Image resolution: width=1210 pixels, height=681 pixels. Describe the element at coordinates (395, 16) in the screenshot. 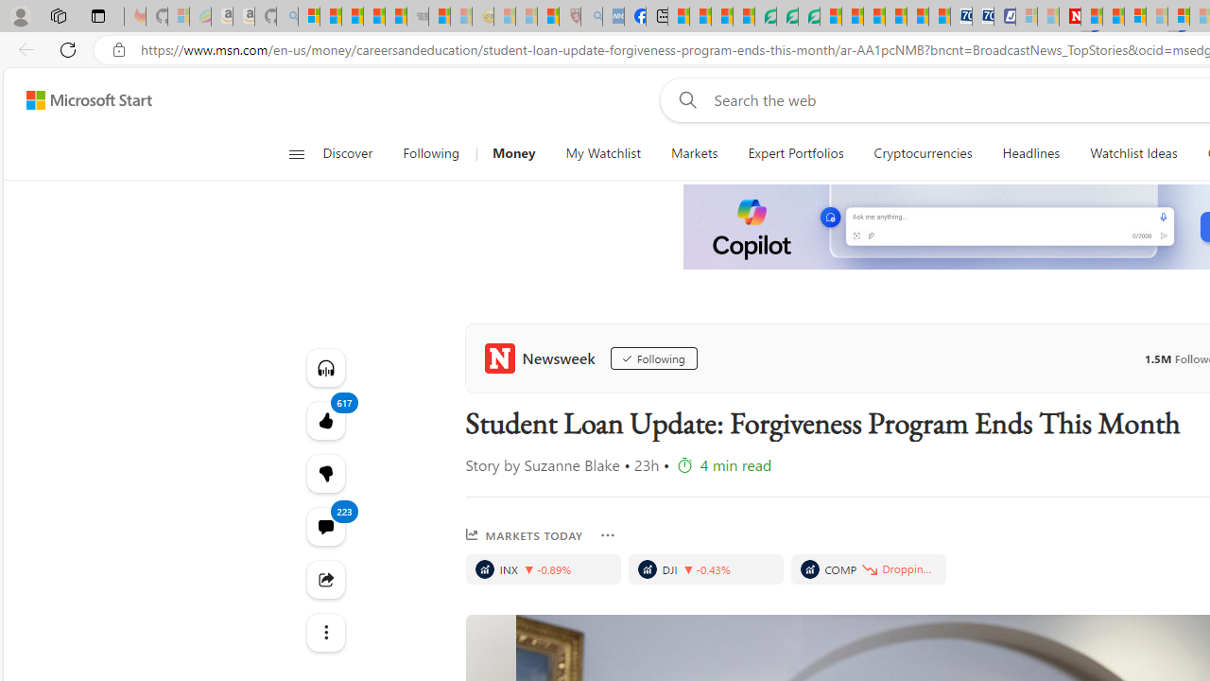

I see `'New Report Confirms 2023 Was Record Hot | Watch'` at that location.